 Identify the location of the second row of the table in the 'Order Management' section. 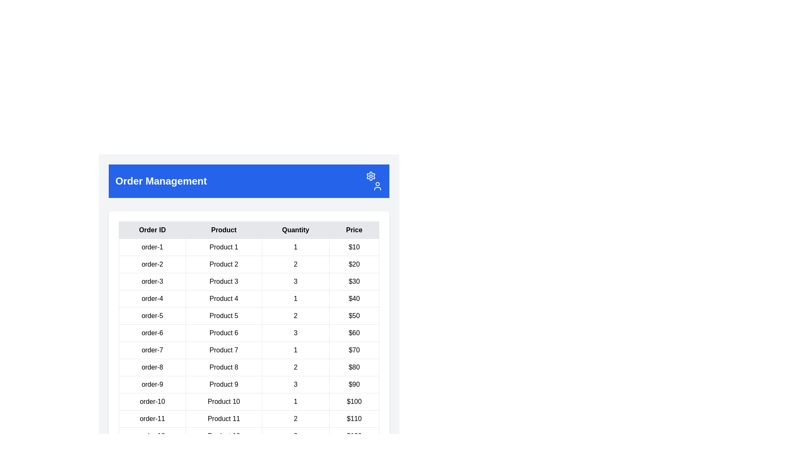
(248, 265).